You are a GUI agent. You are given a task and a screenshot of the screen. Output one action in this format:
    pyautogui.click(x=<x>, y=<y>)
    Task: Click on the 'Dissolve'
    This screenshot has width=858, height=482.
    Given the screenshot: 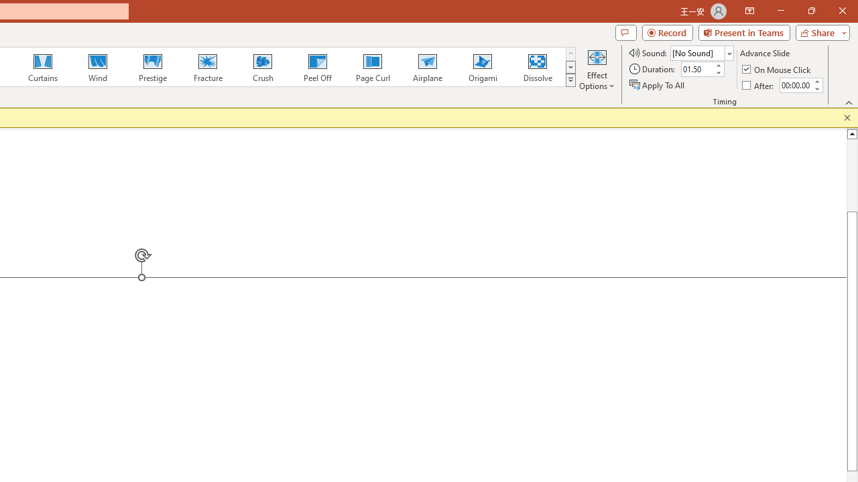 What is the action you would take?
    pyautogui.click(x=538, y=67)
    